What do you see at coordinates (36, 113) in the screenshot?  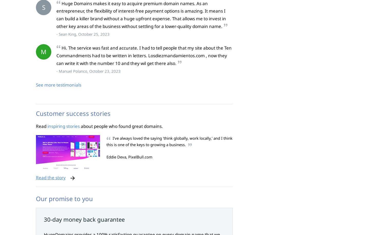 I see `'Customer success stories'` at bounding box center [36, 113].